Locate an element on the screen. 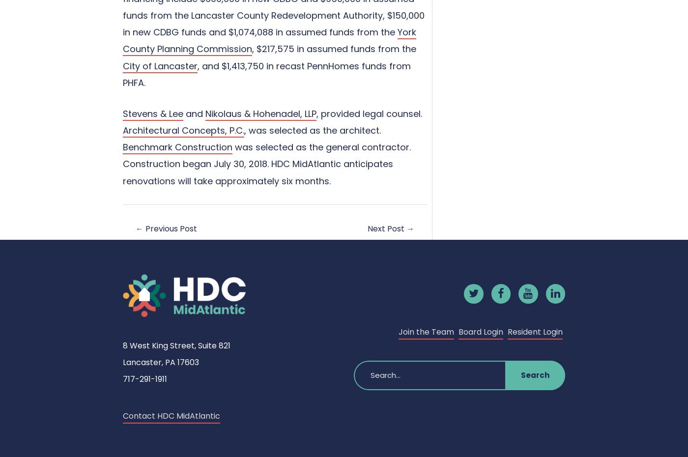 The image size is (688, 457). 'Stevens & Lee' is located at coordinates (153, 113).